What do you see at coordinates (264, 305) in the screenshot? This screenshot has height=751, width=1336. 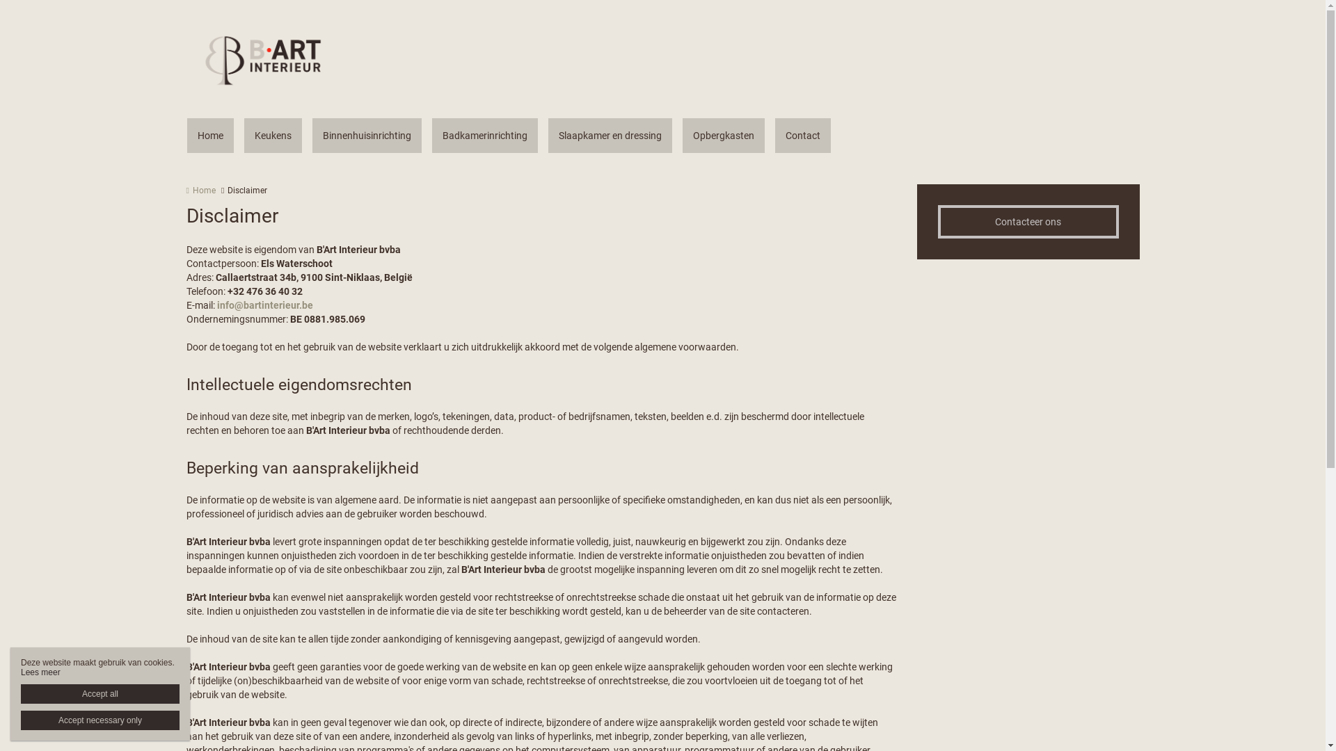 I see `'info@bartinterieur.be'` at bounding box center [264, 305].